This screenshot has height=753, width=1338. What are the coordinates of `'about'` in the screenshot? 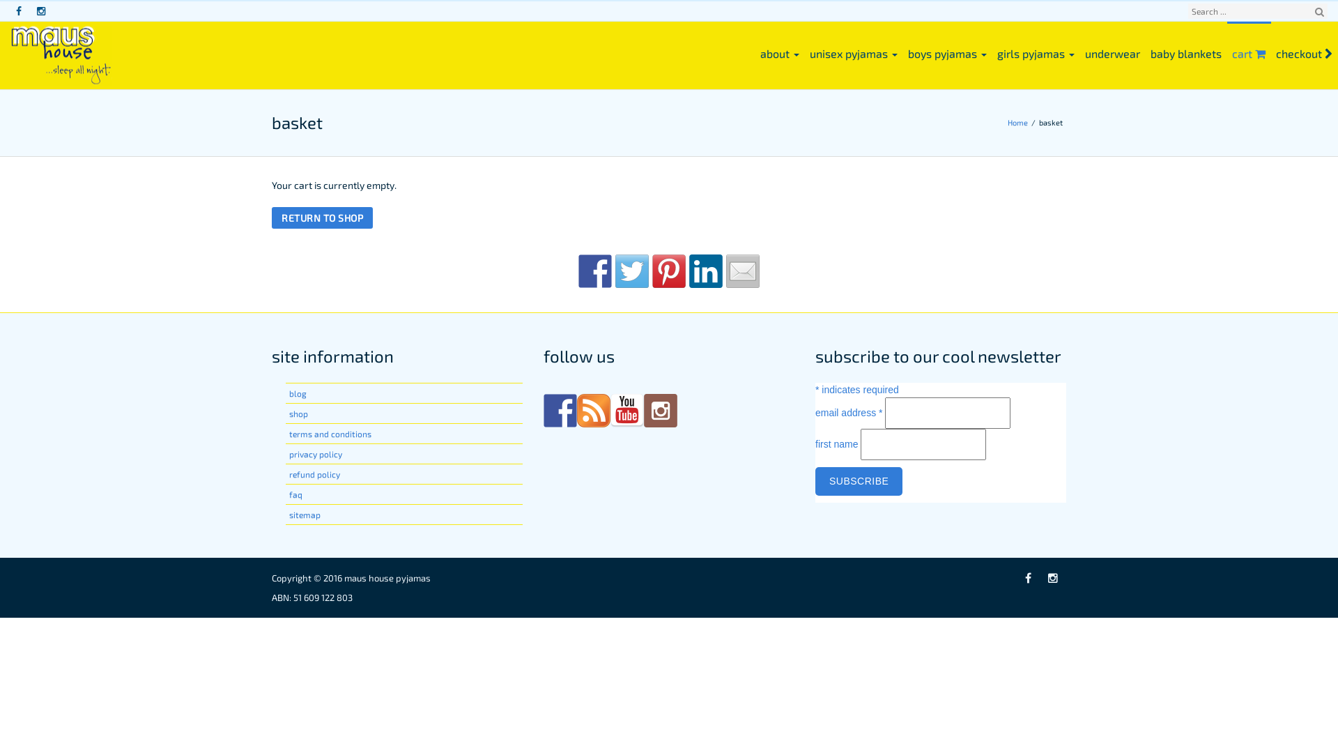 It's located at (779, 52).